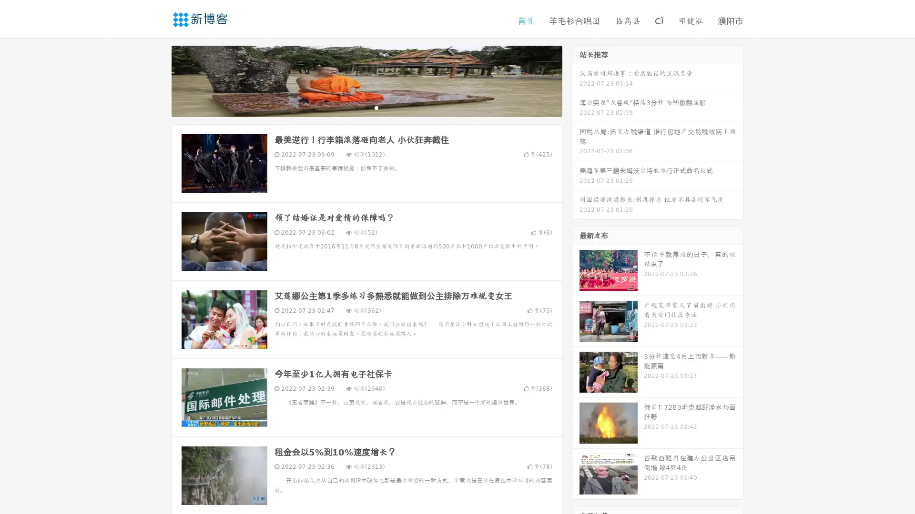 This screenshot has height=514, width=915. What do you see at coordinates (356, 107) in the screenshot?
I see `Go to slide 1` at bounding box center [356, 107].